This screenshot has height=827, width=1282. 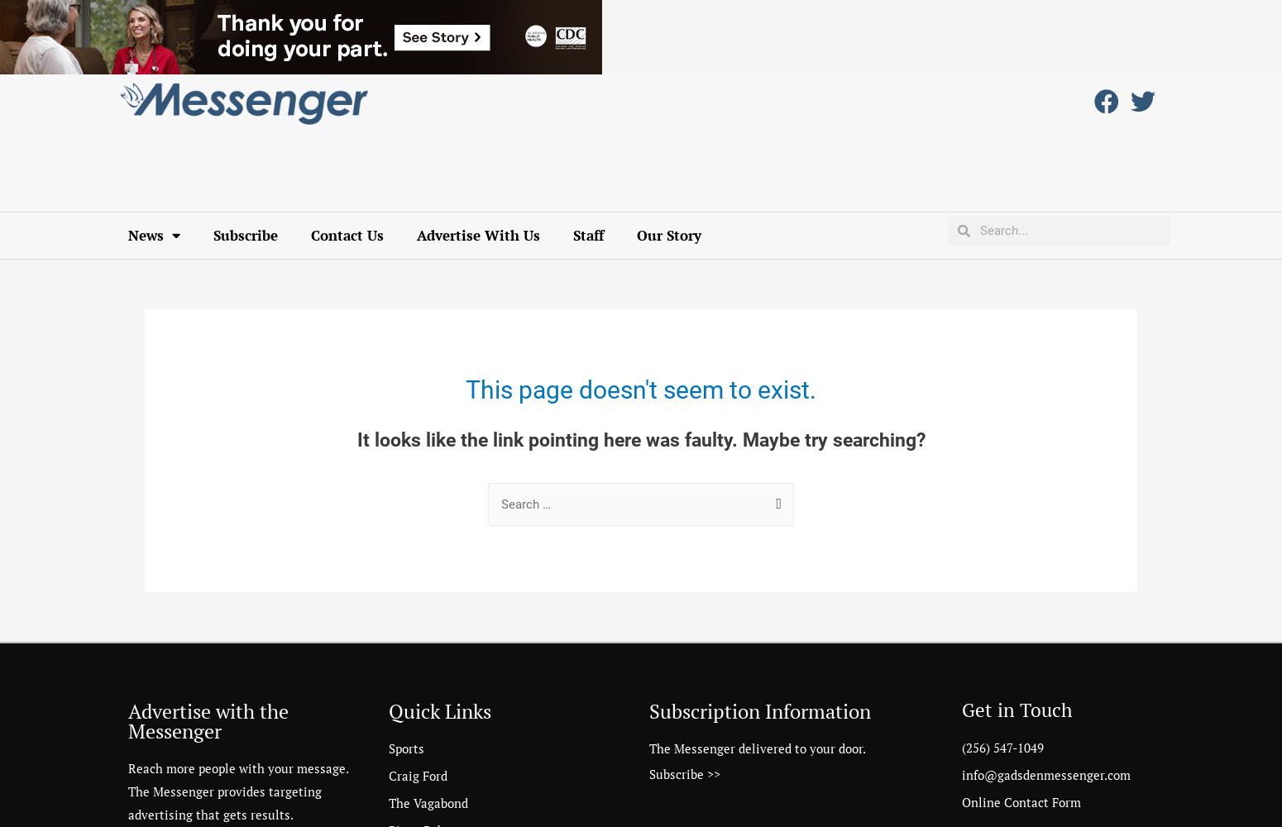 I want to click on 'Get in Touch', so click(x=1017, y=709).